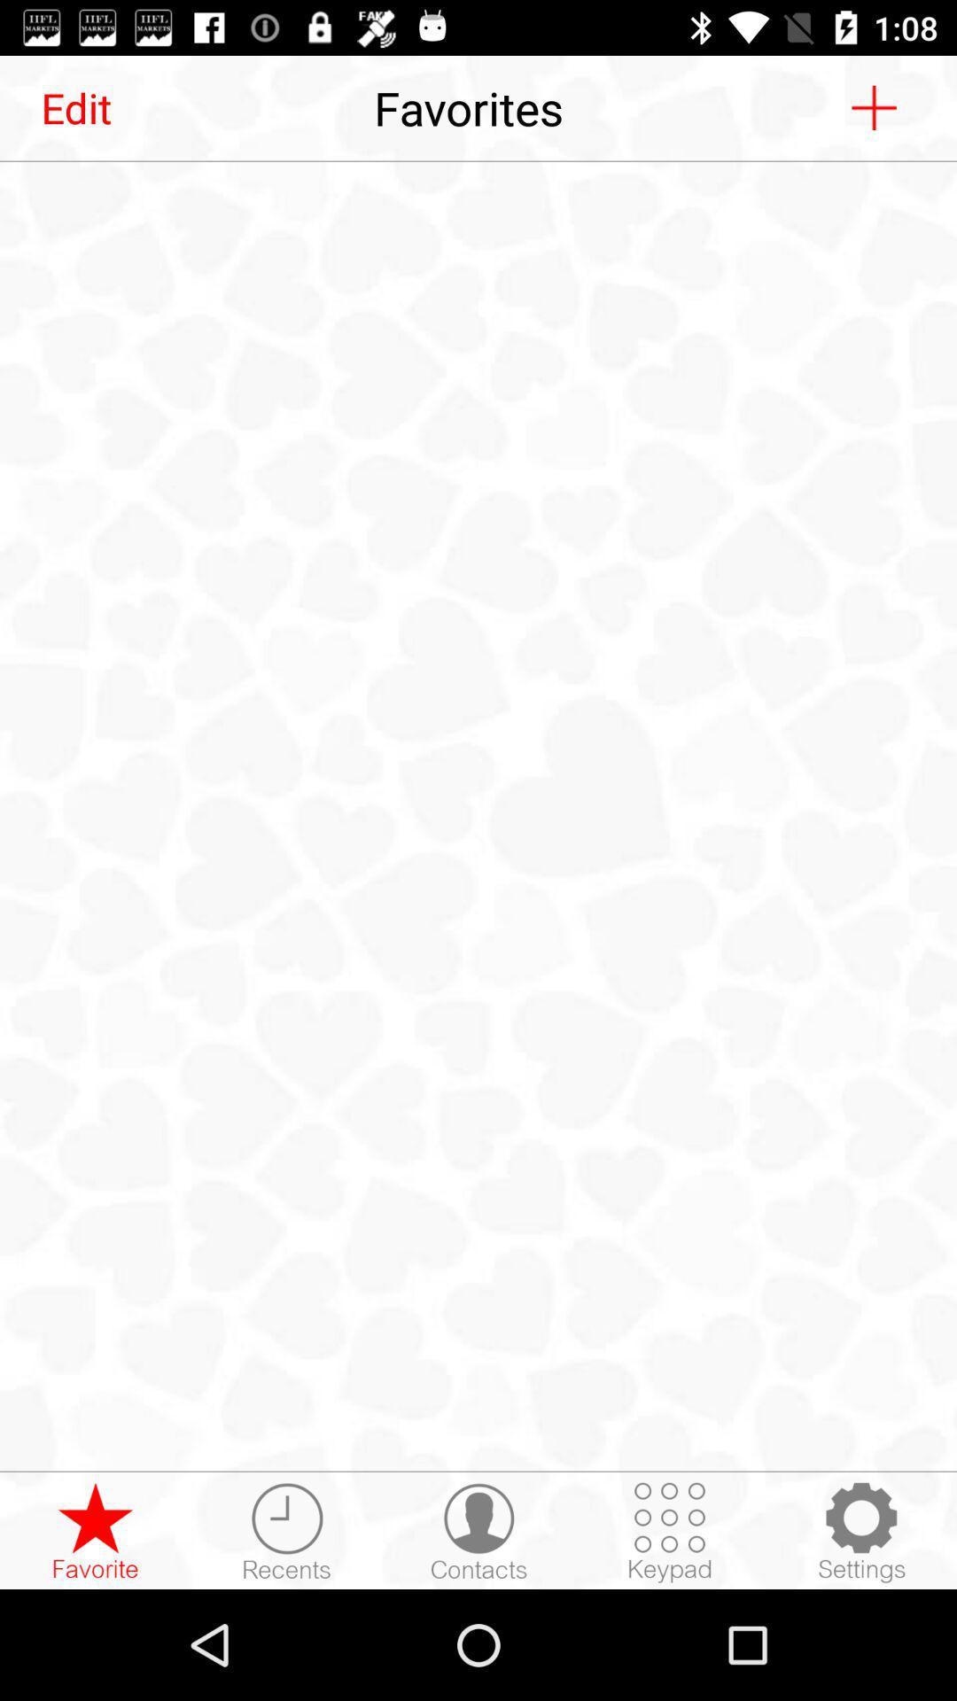 This screenshot has width=957, height=1701. What do you see at coordinates (96, 1531) in the screenshot?
I see `the star icon` at bounding box center [96, 1531].